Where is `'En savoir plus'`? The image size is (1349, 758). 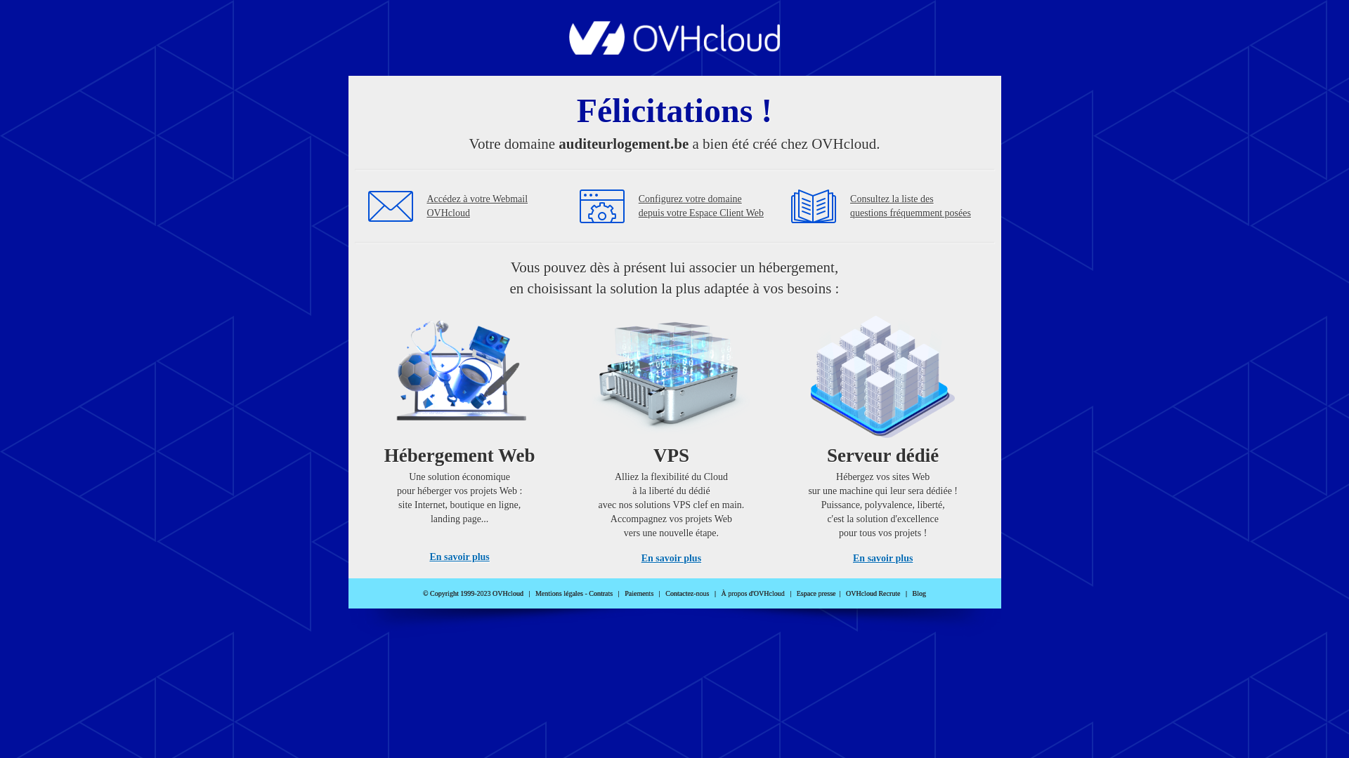 'En savoir plus' is located at coordinates (459, 556).